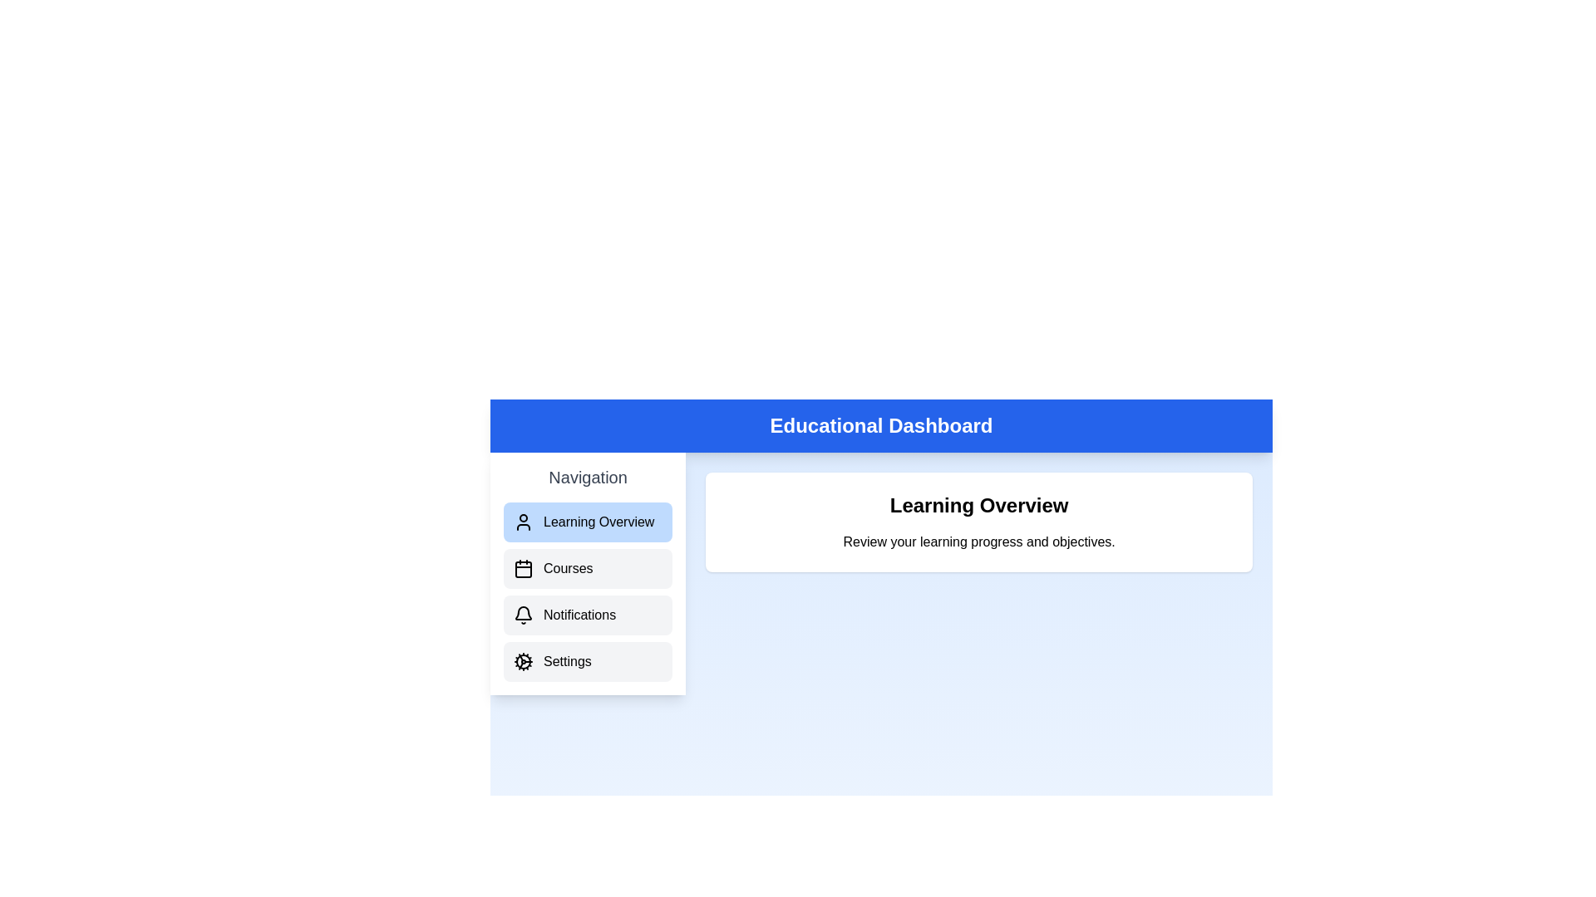 The width and height of the screenshot is (1596, 897). I want to click on the sidebar option Learning Overview to observe its hover effect, so click(588, 521).